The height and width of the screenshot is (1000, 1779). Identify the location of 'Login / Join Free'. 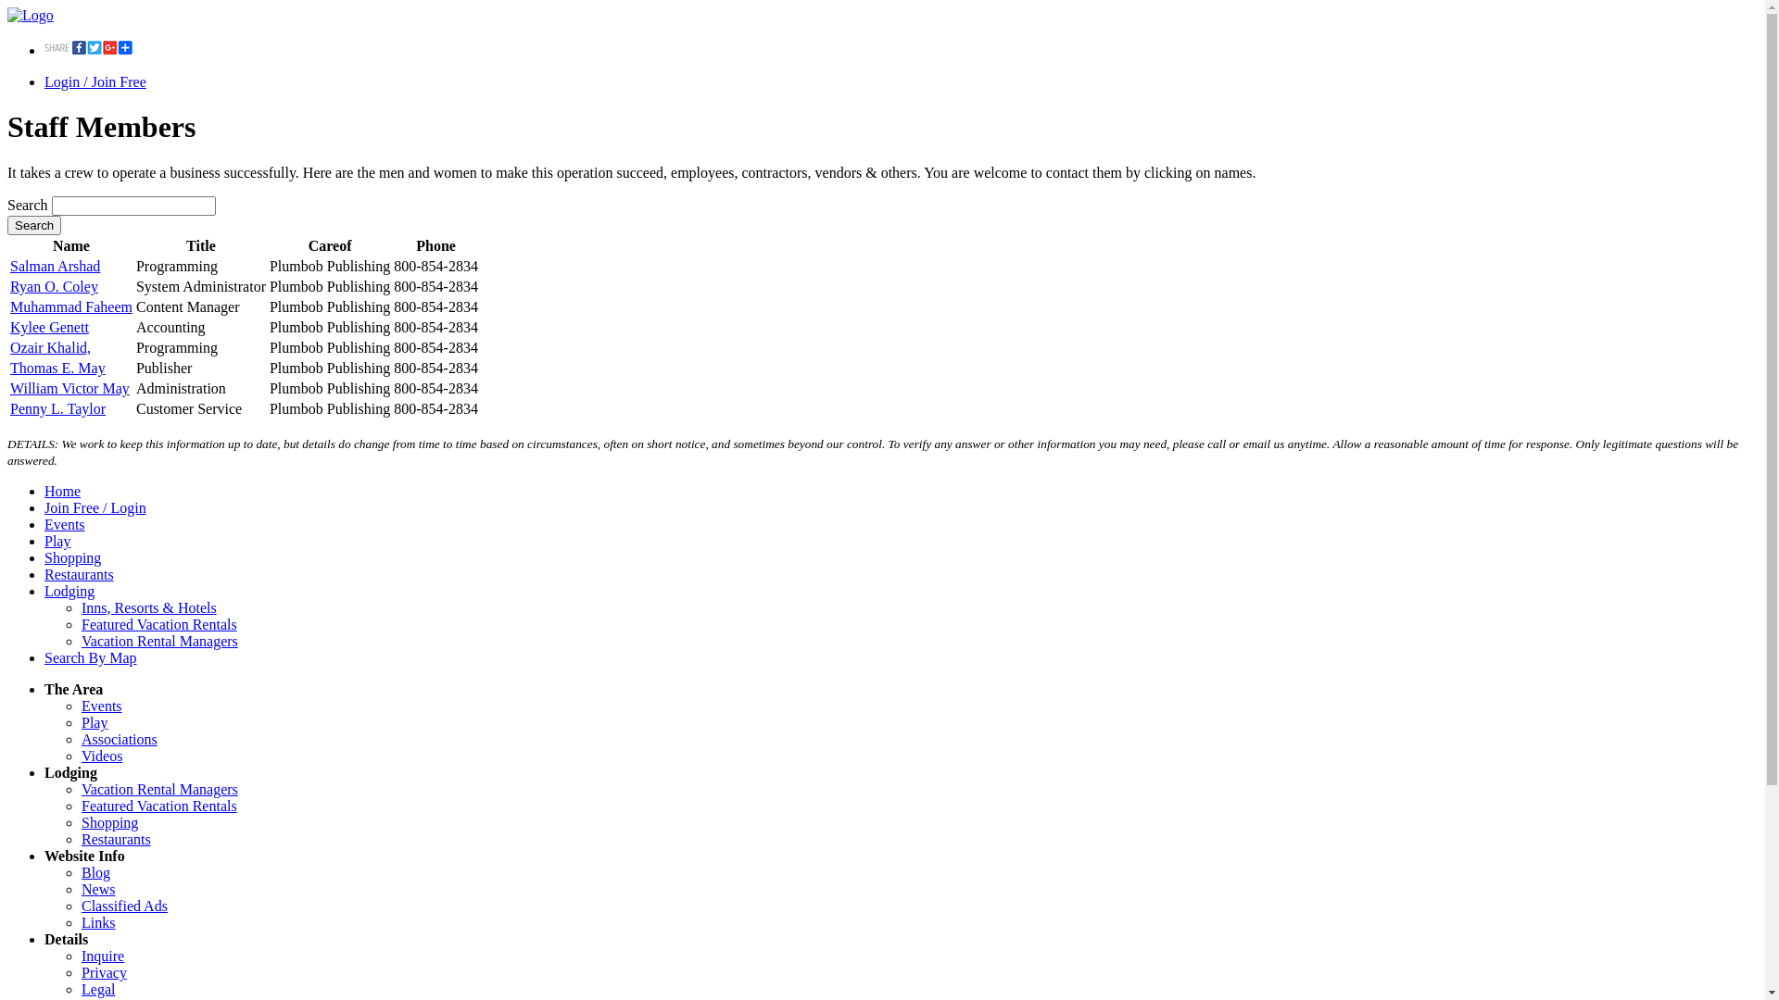
(94, 81).